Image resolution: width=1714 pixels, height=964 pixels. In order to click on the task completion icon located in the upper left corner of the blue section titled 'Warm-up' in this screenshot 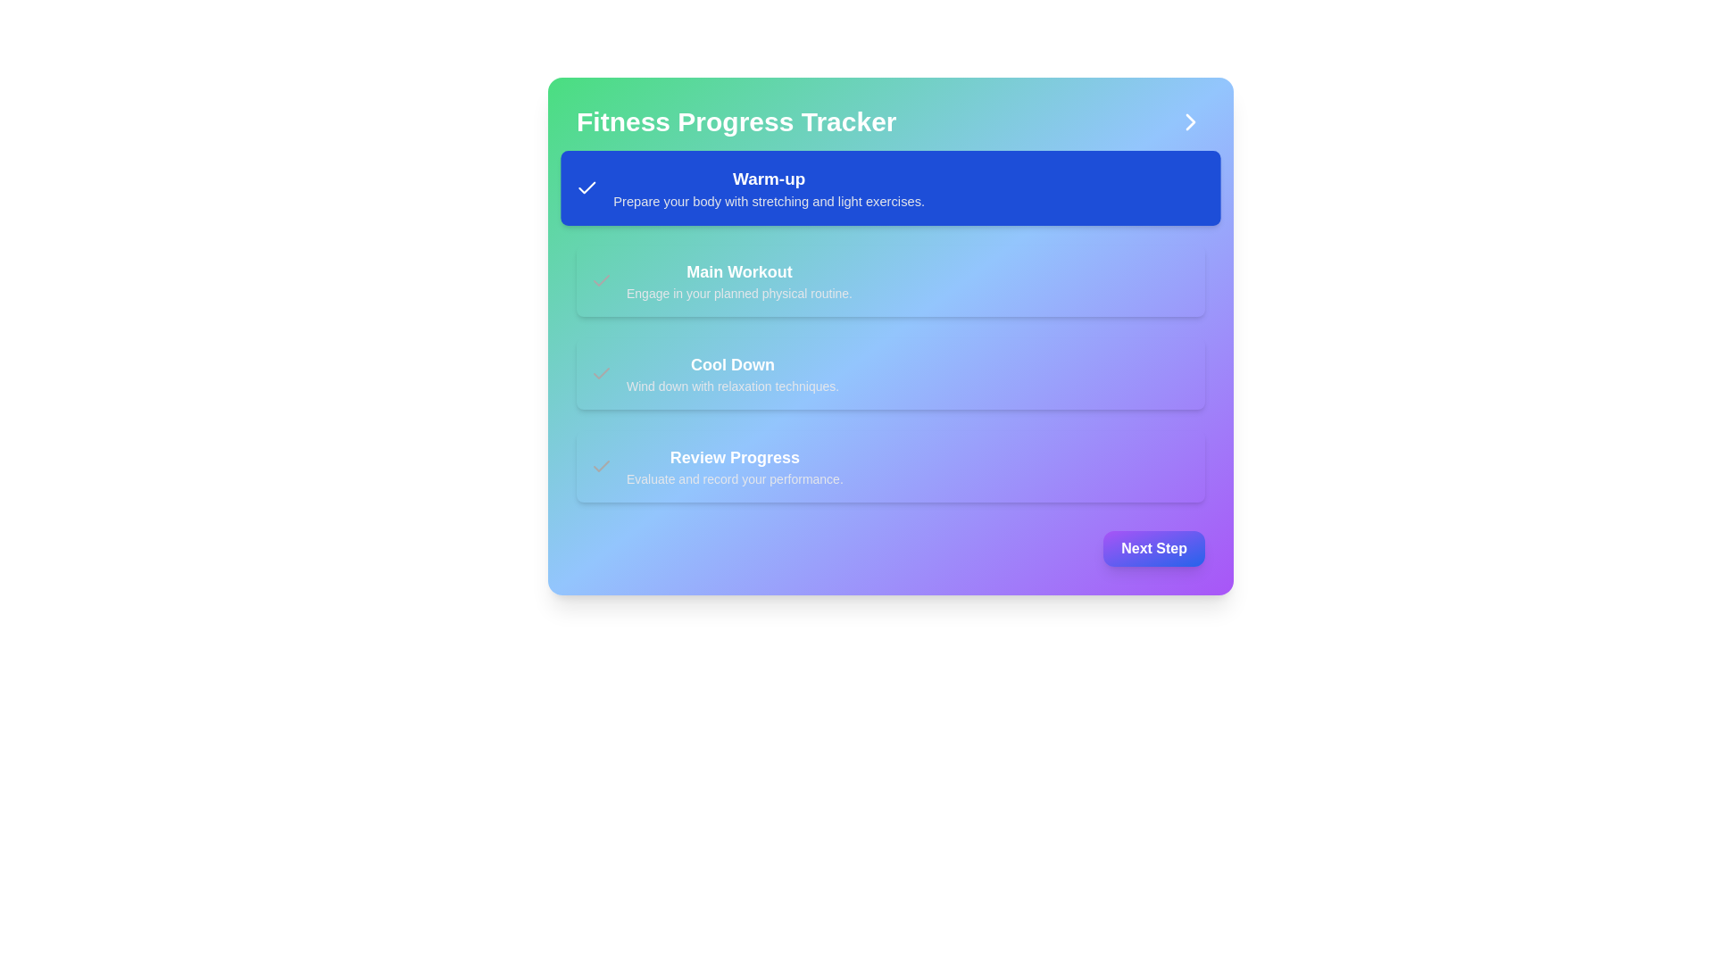, I will do `click(587, 187)`.